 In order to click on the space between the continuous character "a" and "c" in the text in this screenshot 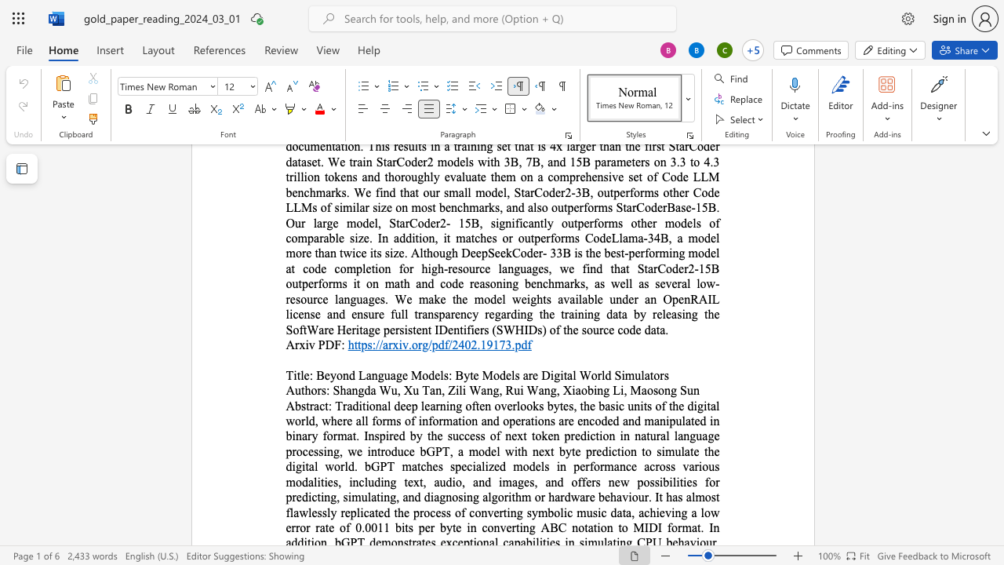, I will do `click(318, 405)`.